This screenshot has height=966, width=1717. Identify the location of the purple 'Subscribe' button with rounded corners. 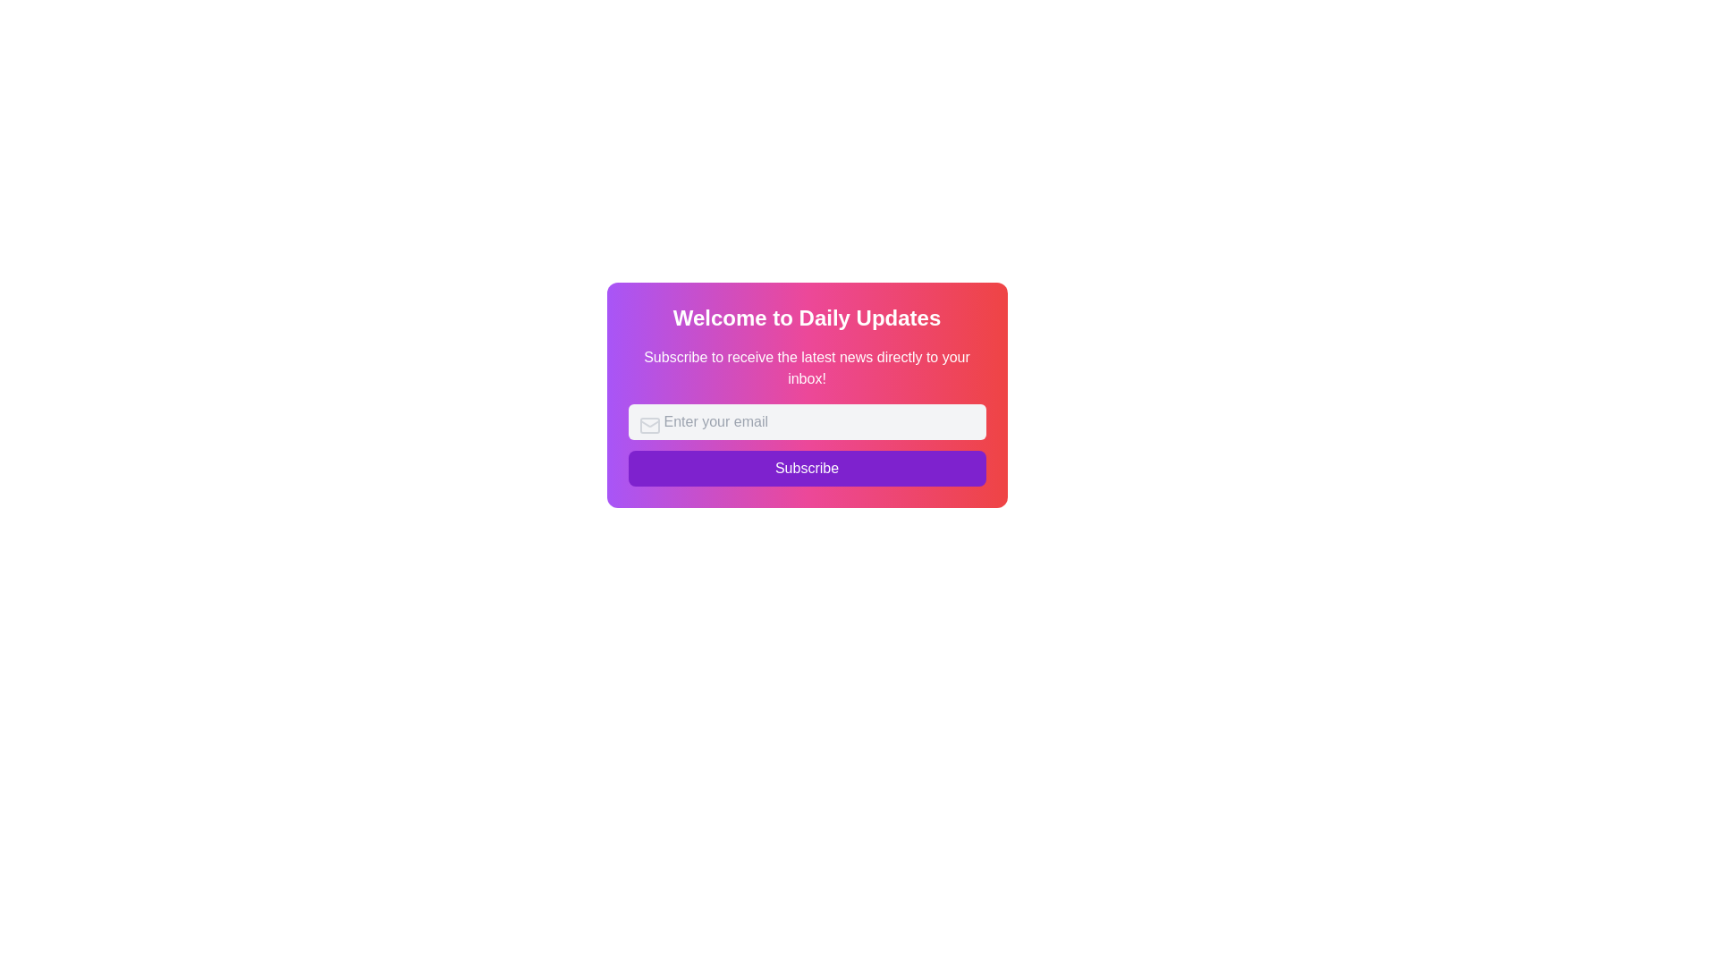
(806, 468).